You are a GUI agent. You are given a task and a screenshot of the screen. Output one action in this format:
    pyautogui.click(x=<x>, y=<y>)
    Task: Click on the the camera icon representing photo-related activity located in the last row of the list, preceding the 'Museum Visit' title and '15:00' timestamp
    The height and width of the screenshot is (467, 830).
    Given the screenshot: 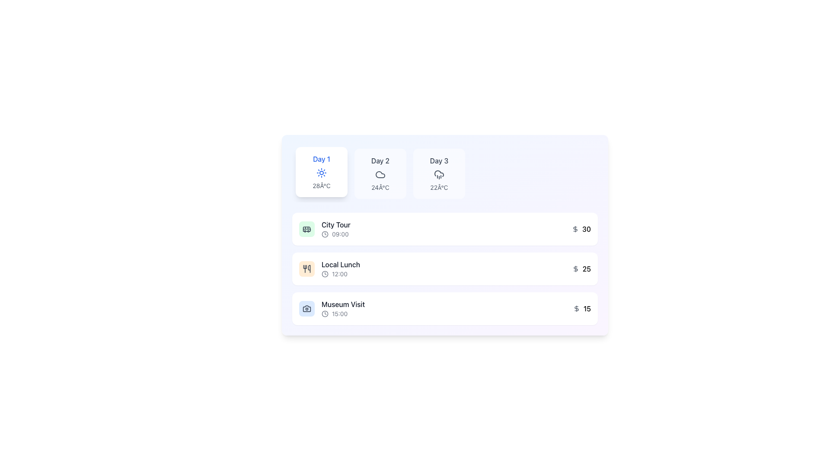 What is the action you would take?
    pyautogui.click(x=307, y=308)
    